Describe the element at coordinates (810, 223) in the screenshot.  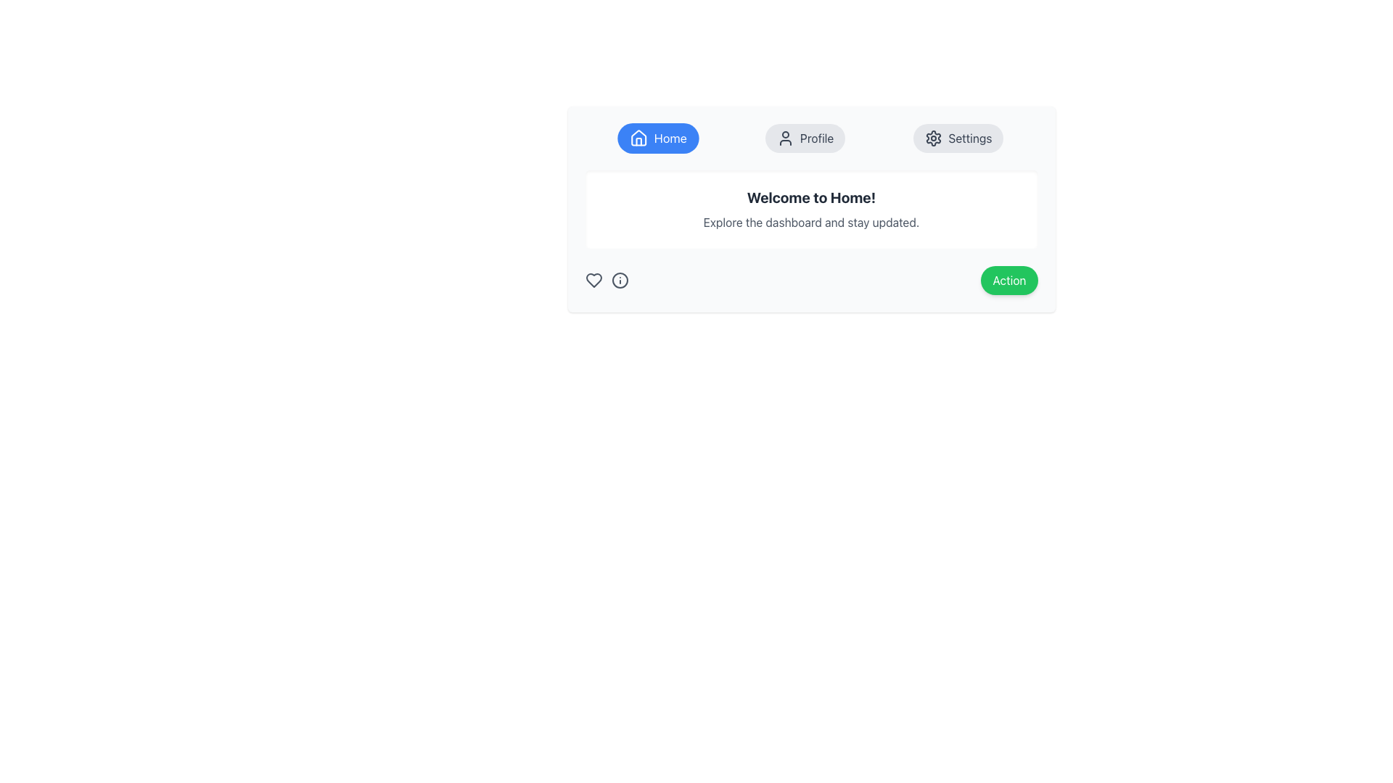
I see `the Text Label located below the header 'Welcome to Home!' in the upper half of the dashboard` at that location.